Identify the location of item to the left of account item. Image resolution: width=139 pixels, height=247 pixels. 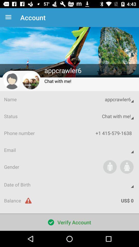
(9, 17).